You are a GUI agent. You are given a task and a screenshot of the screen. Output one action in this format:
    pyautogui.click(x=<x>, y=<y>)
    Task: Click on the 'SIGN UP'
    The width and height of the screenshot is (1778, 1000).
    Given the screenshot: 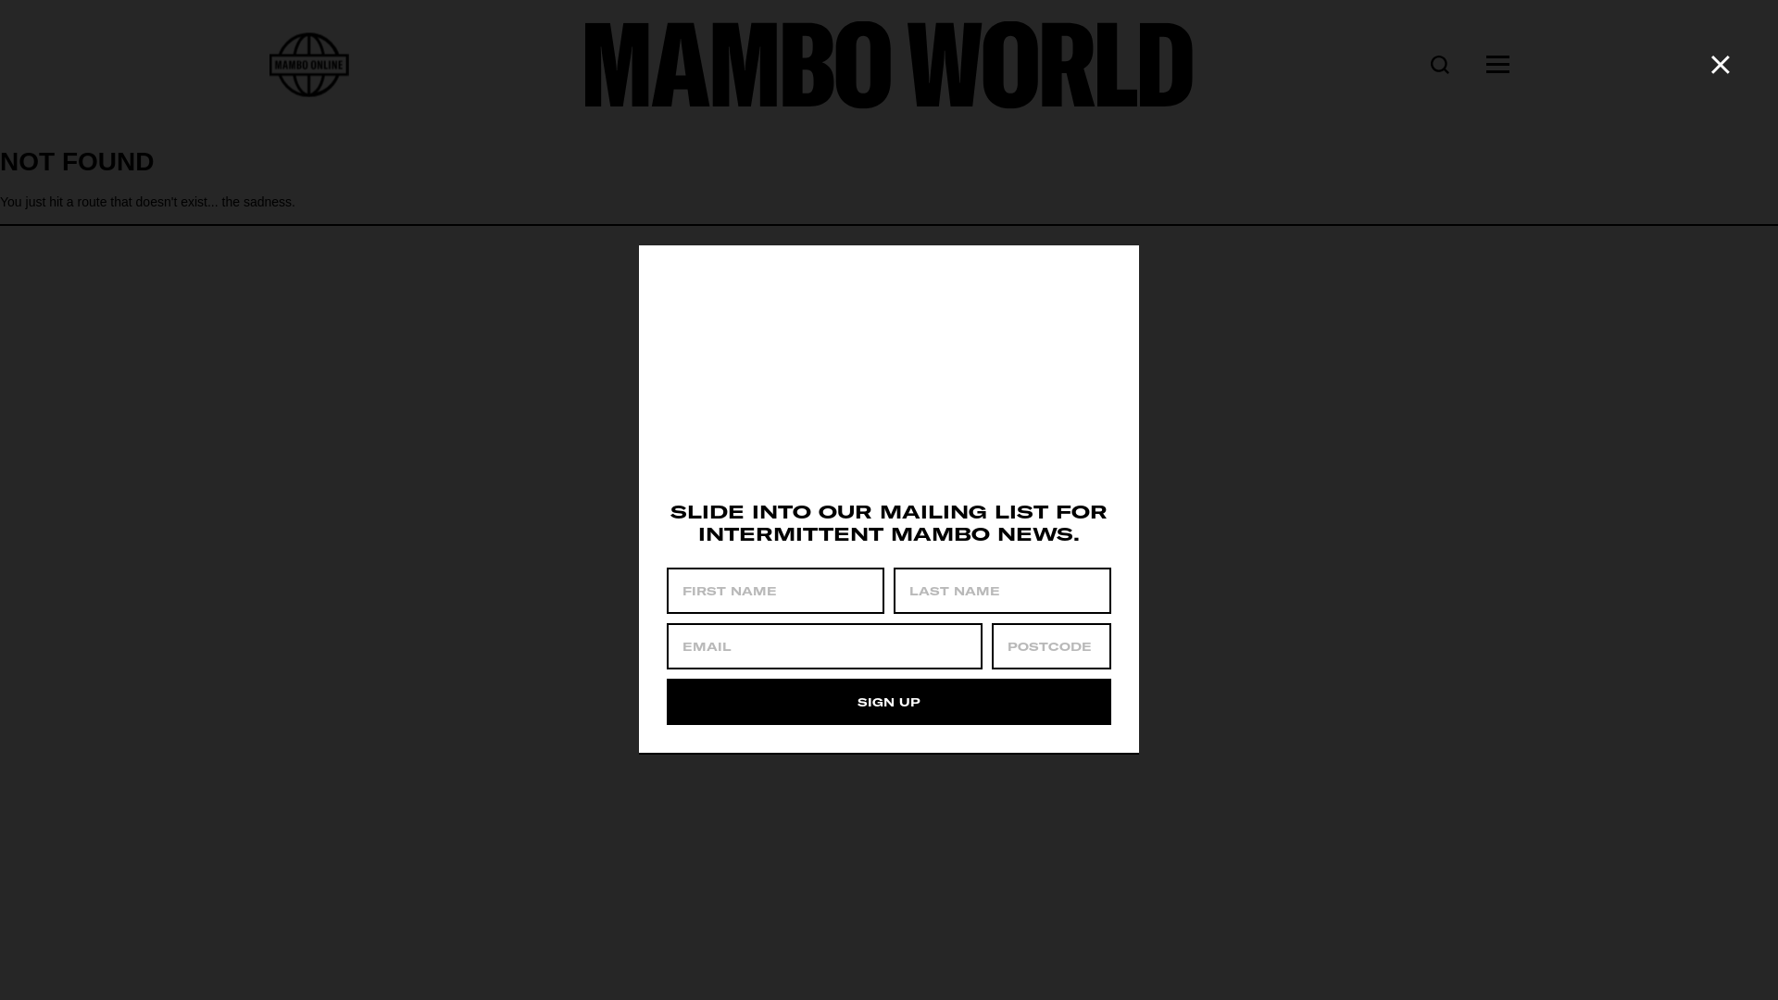 What is the action you would take?
    pyautogui.click(x=889, y=702)
    